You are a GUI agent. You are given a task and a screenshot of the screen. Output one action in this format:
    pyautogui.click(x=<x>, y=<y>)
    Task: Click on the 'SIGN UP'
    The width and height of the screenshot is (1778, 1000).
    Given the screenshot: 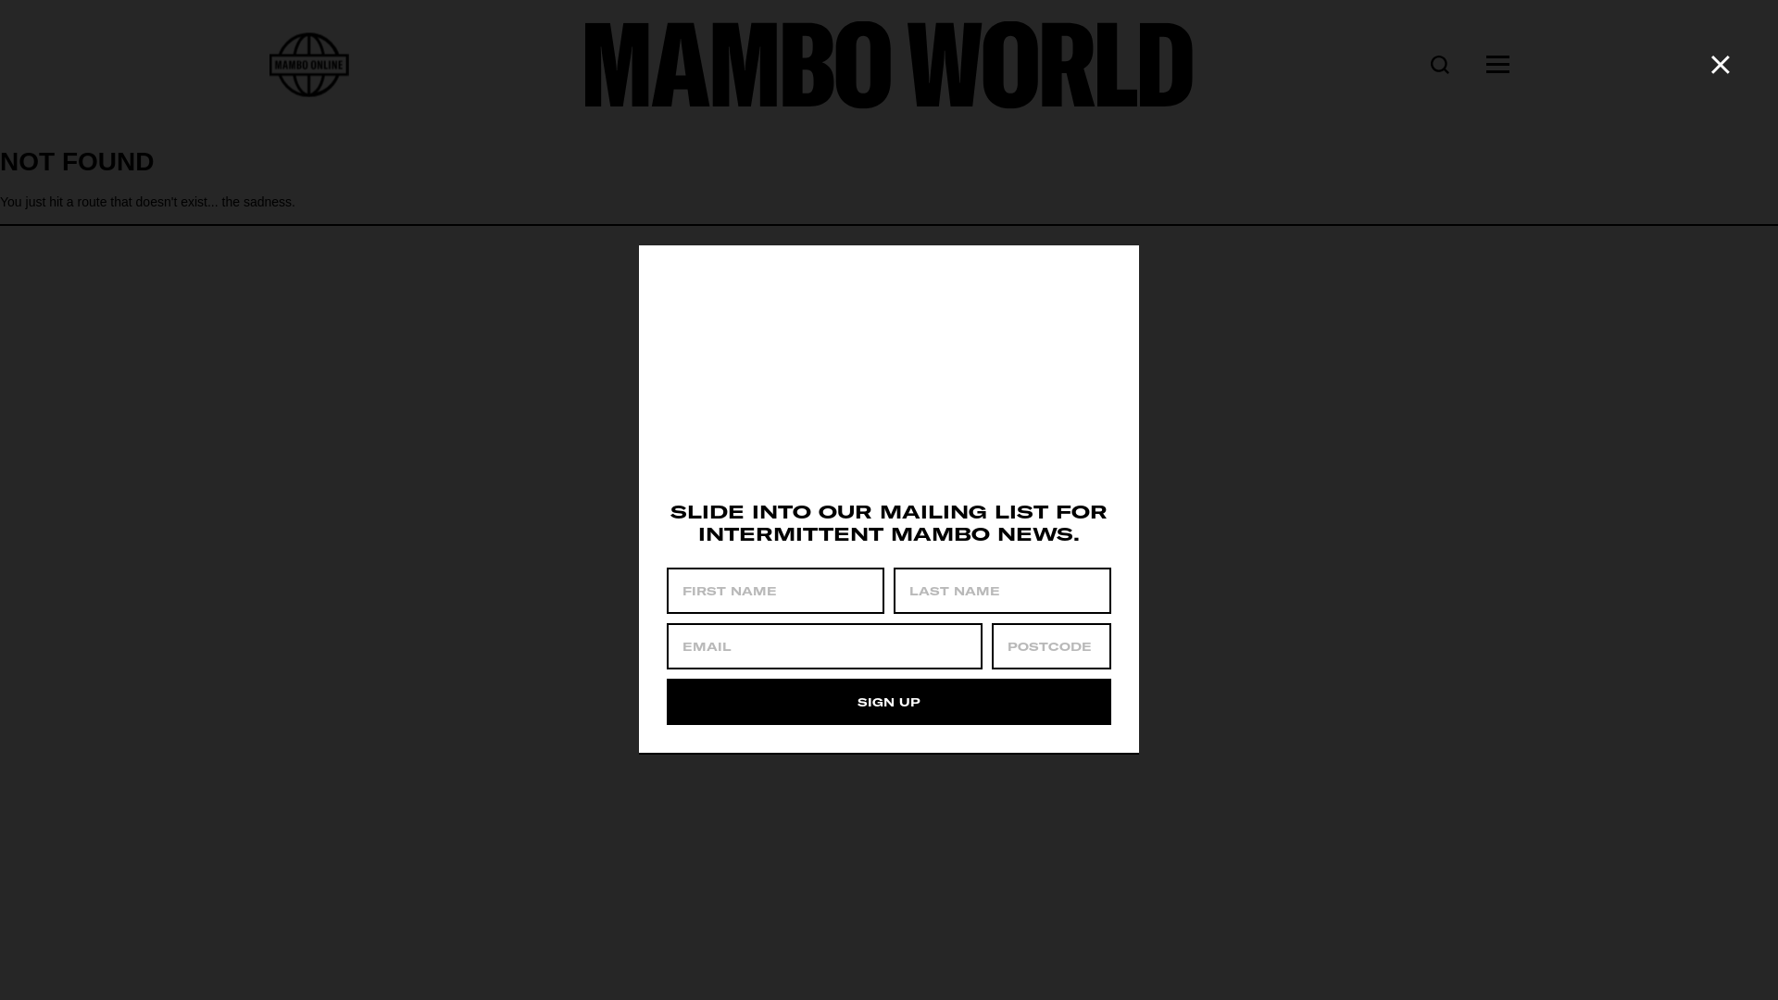 What is the action you would take?
    pyautogui.click(x=889, y=702)
    